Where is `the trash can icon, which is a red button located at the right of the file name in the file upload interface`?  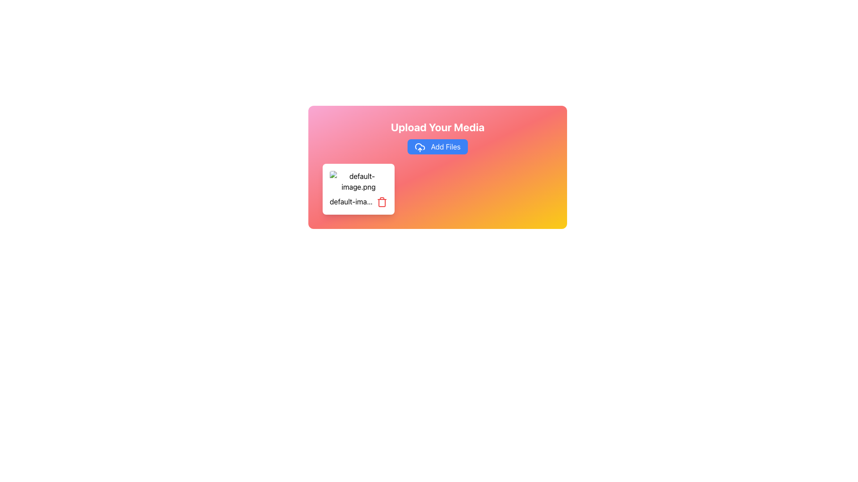 the trash can icon, which is a red button located at the right of the file name in the file upload interface is located at coordinates (382, 201).